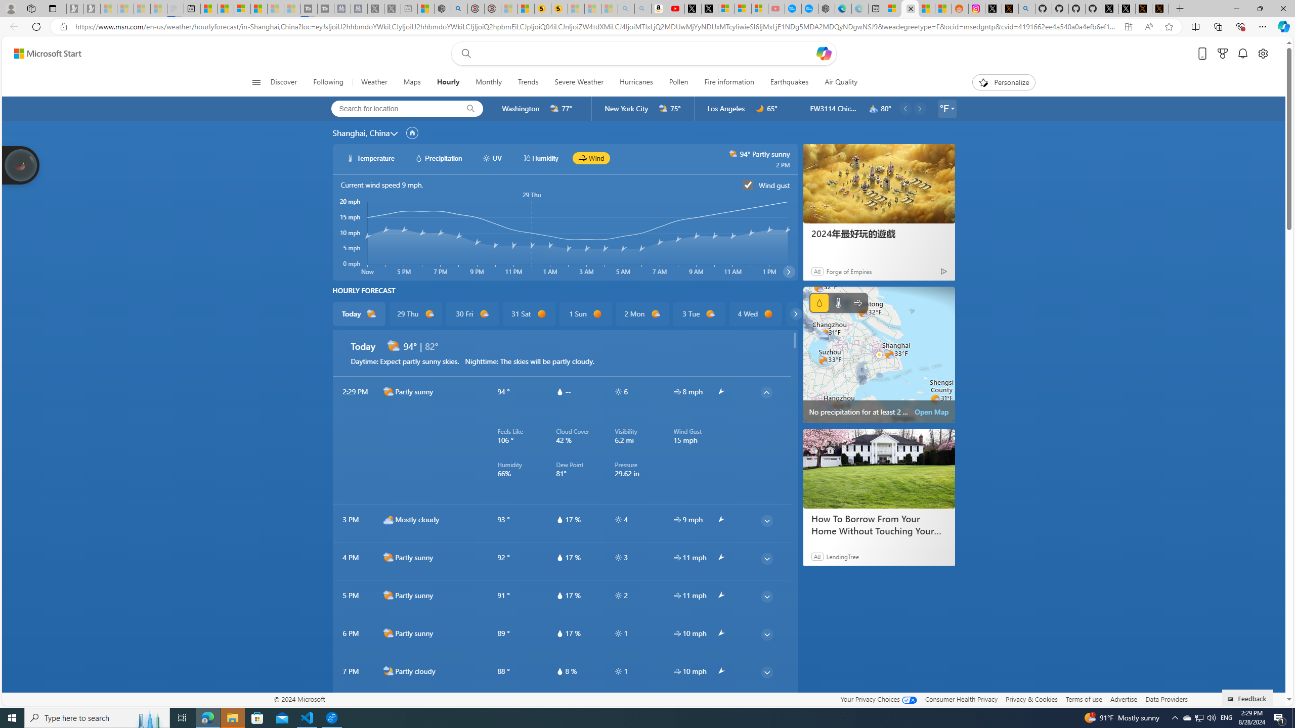 This screenshot has width=1295, height=728. I want to click on '30 Fri d1000', so click(472, 313).